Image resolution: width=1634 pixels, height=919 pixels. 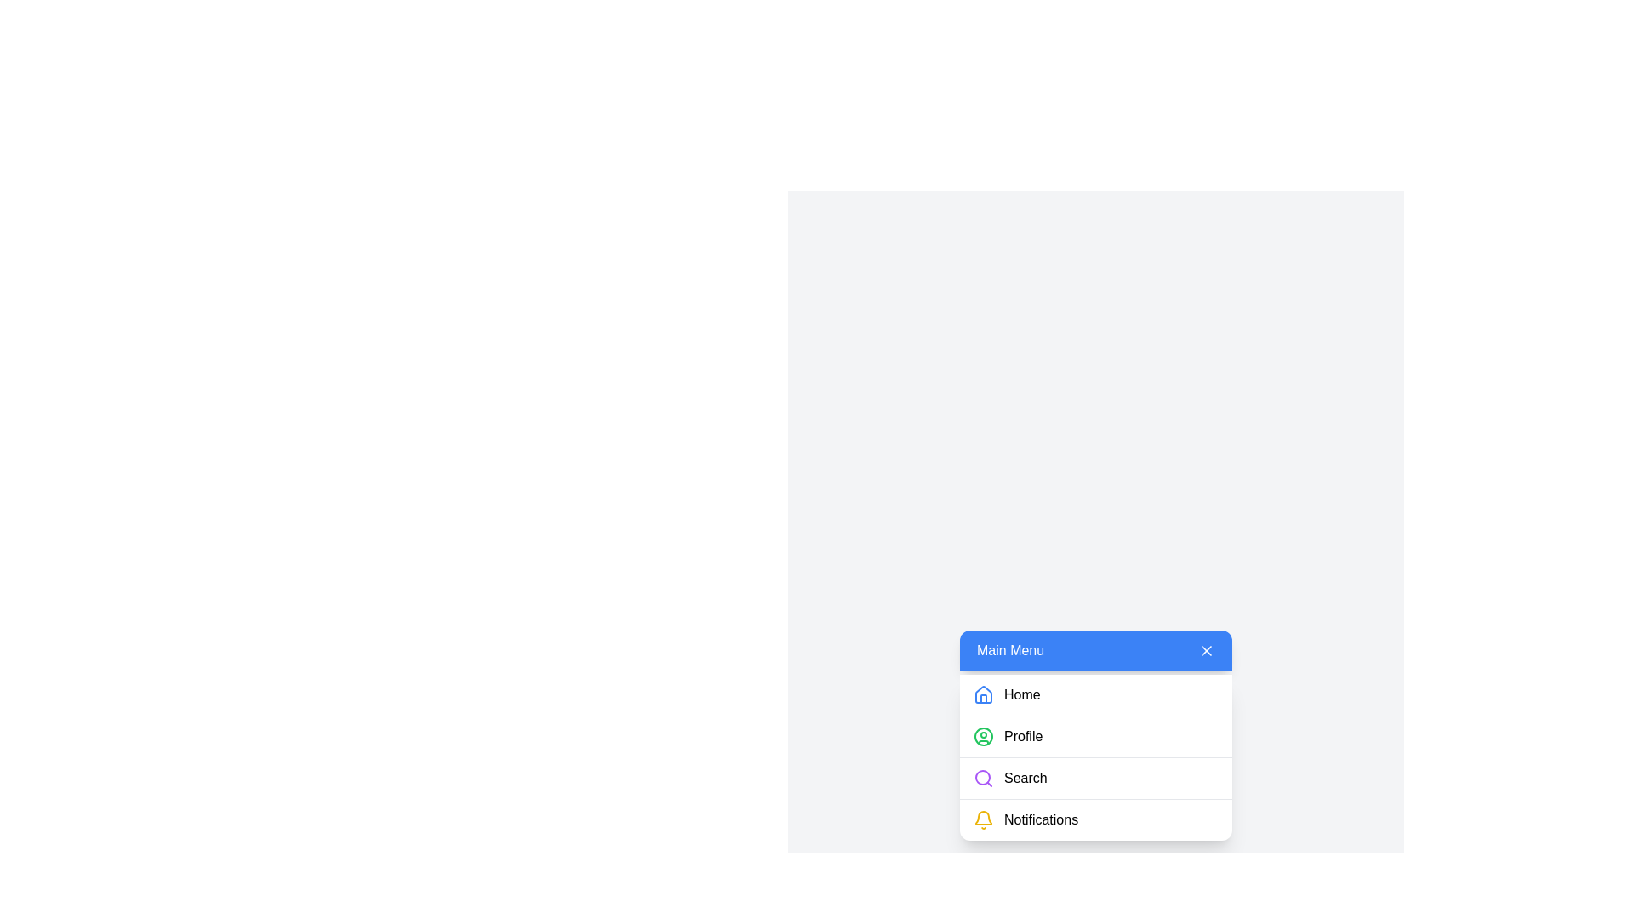 I want to click on the 'Home' icon in the navigation menu, so click(x=984, y=695).